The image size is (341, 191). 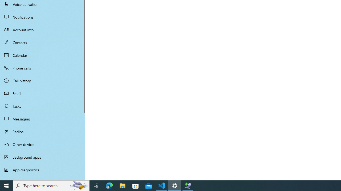 I want to click on 'Other devices', so click(x=43, y=144).